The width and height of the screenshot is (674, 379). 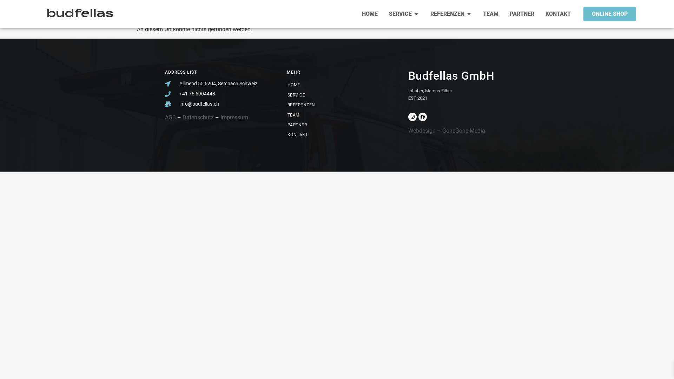 What do you see at coordinates (609, 14) in the screenshot?
I see `'ONLINE SHOP'` at bounding box center [609, 14].